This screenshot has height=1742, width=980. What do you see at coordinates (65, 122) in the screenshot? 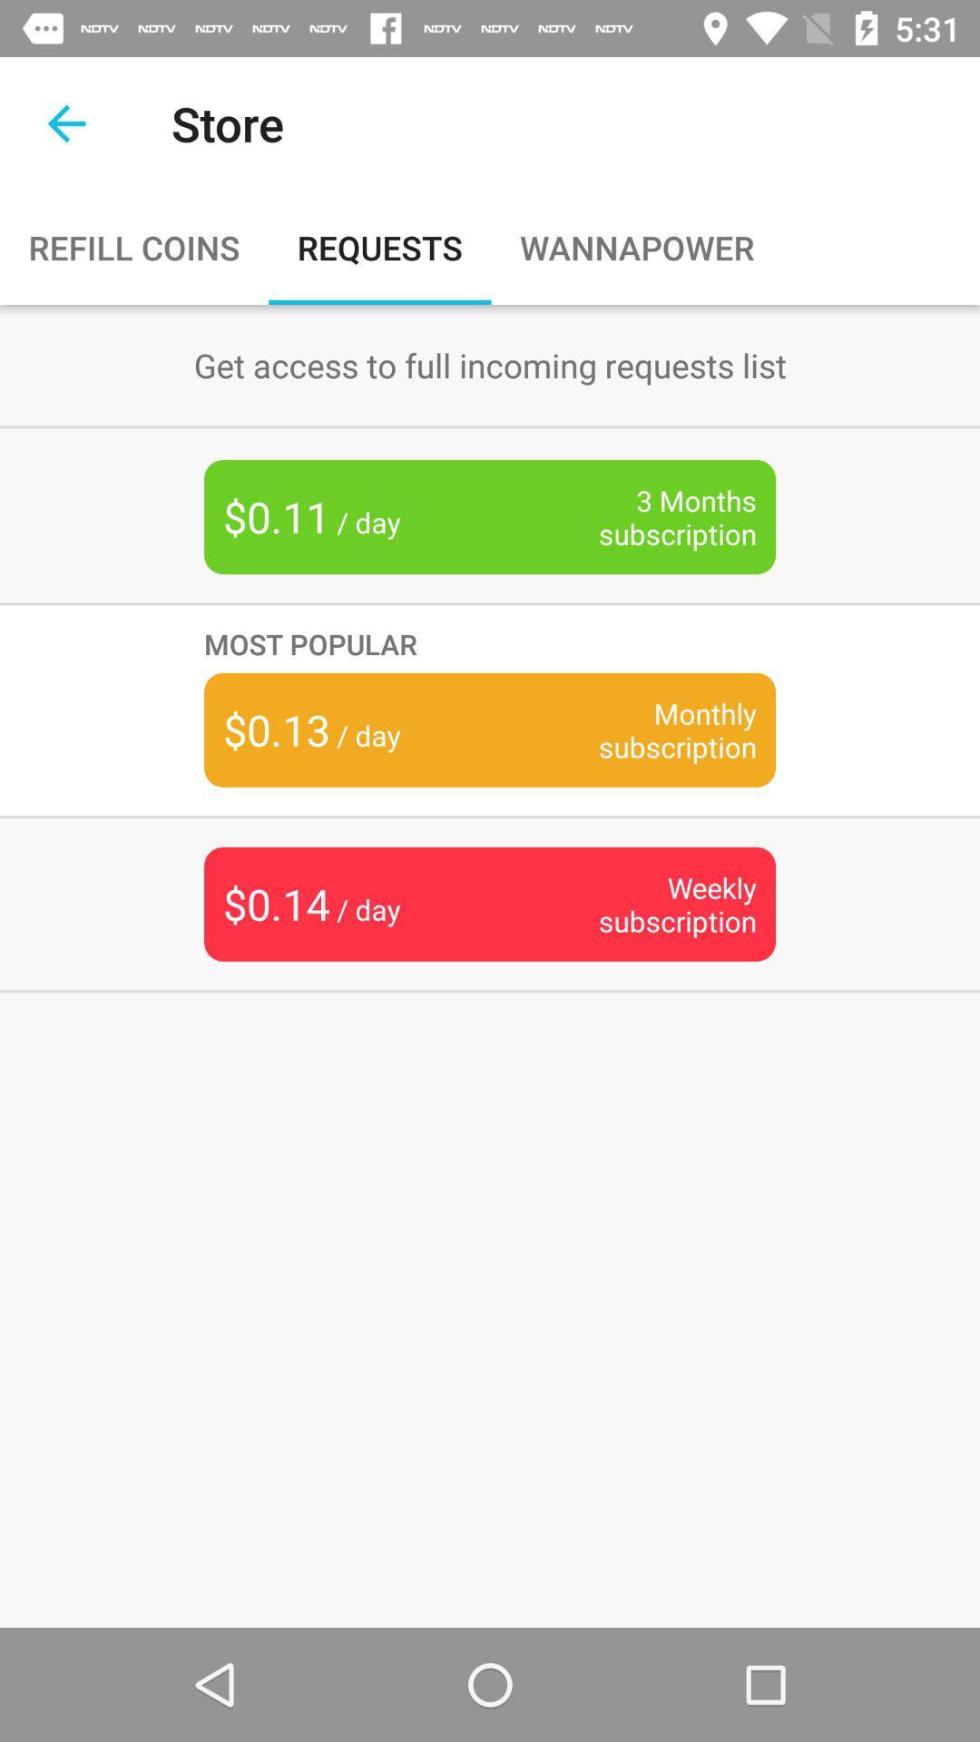
I see `go back` at bounding box center [65, 122].